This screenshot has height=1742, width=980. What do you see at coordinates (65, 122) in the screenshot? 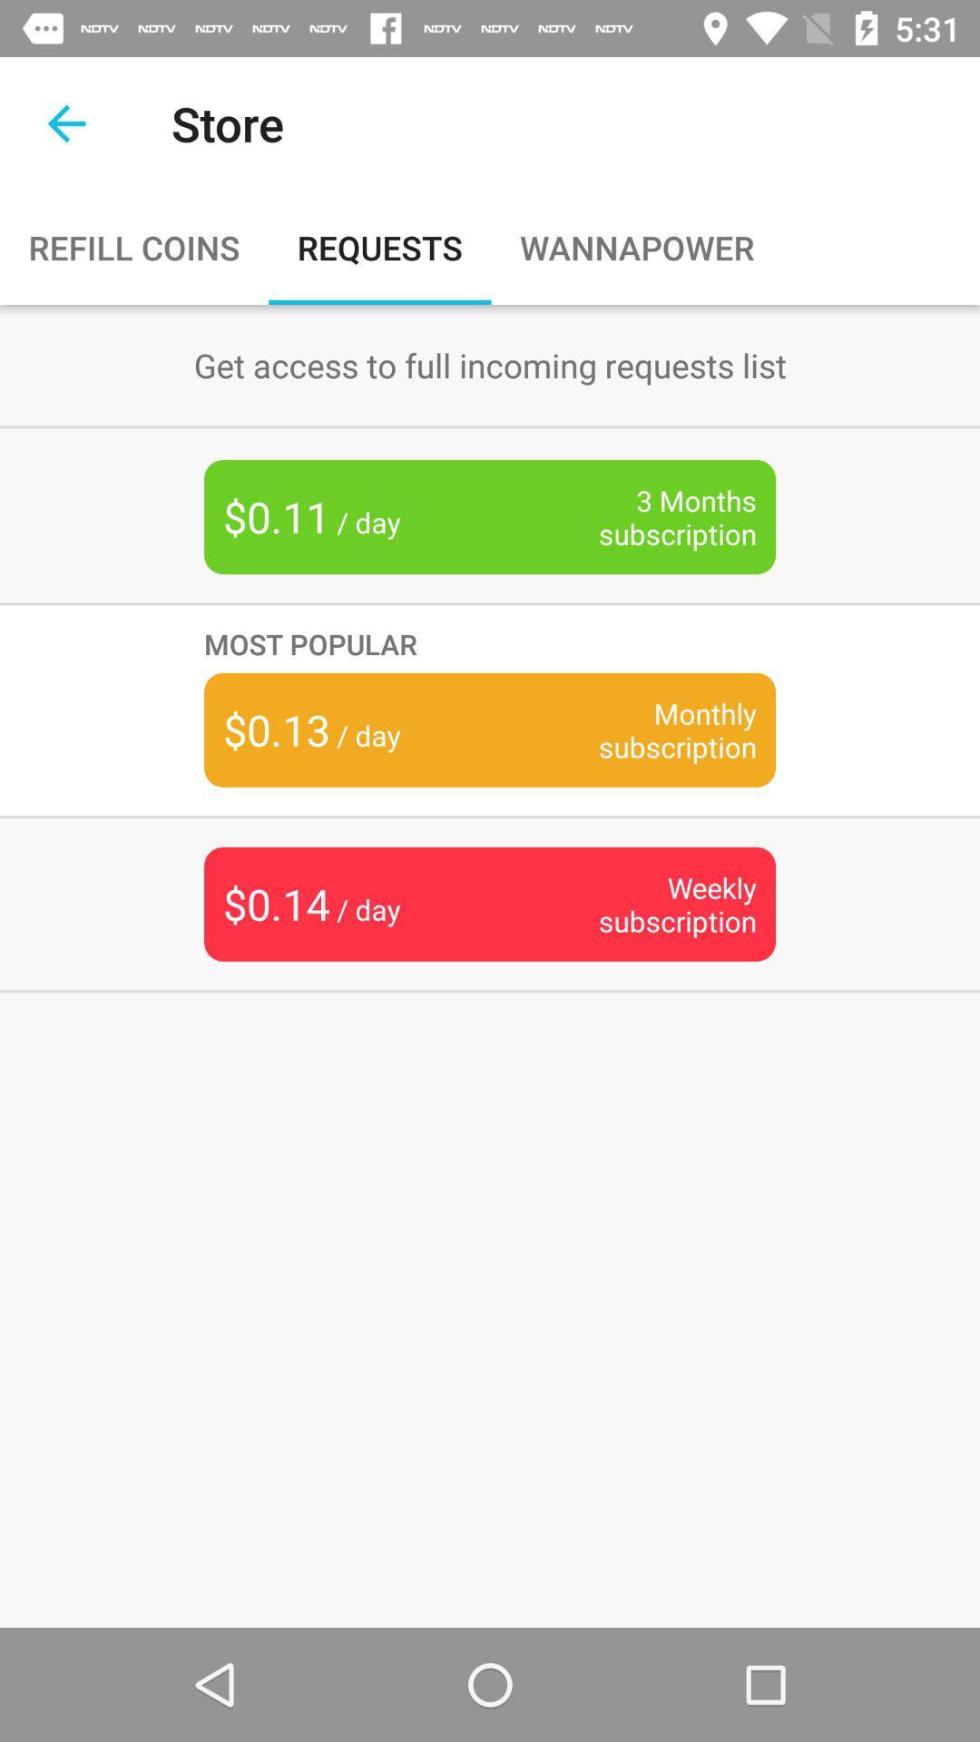
I see `go back` at bounding box center [65, 122].